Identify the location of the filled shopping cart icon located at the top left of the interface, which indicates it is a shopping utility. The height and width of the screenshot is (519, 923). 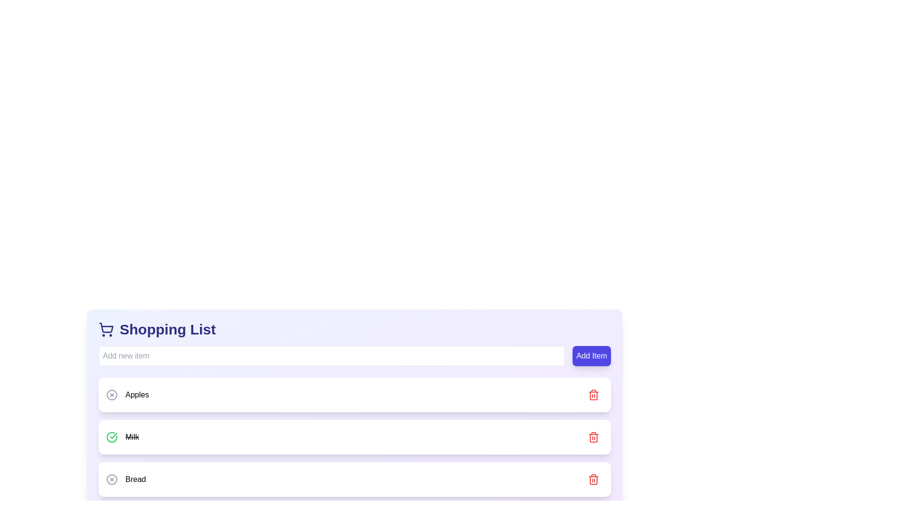
(106, 327).